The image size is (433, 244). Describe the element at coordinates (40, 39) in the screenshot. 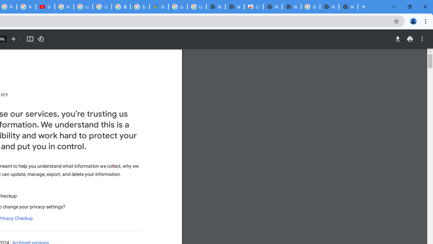

I see `'Rotate counterclockwise'` at that location.